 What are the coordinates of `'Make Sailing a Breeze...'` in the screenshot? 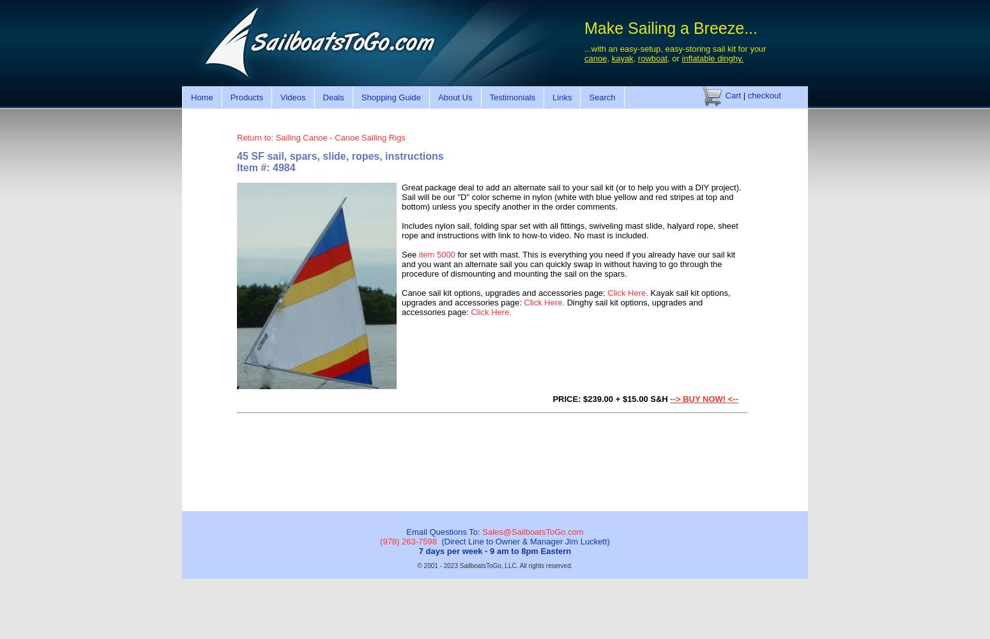 It's located at (670, 28).